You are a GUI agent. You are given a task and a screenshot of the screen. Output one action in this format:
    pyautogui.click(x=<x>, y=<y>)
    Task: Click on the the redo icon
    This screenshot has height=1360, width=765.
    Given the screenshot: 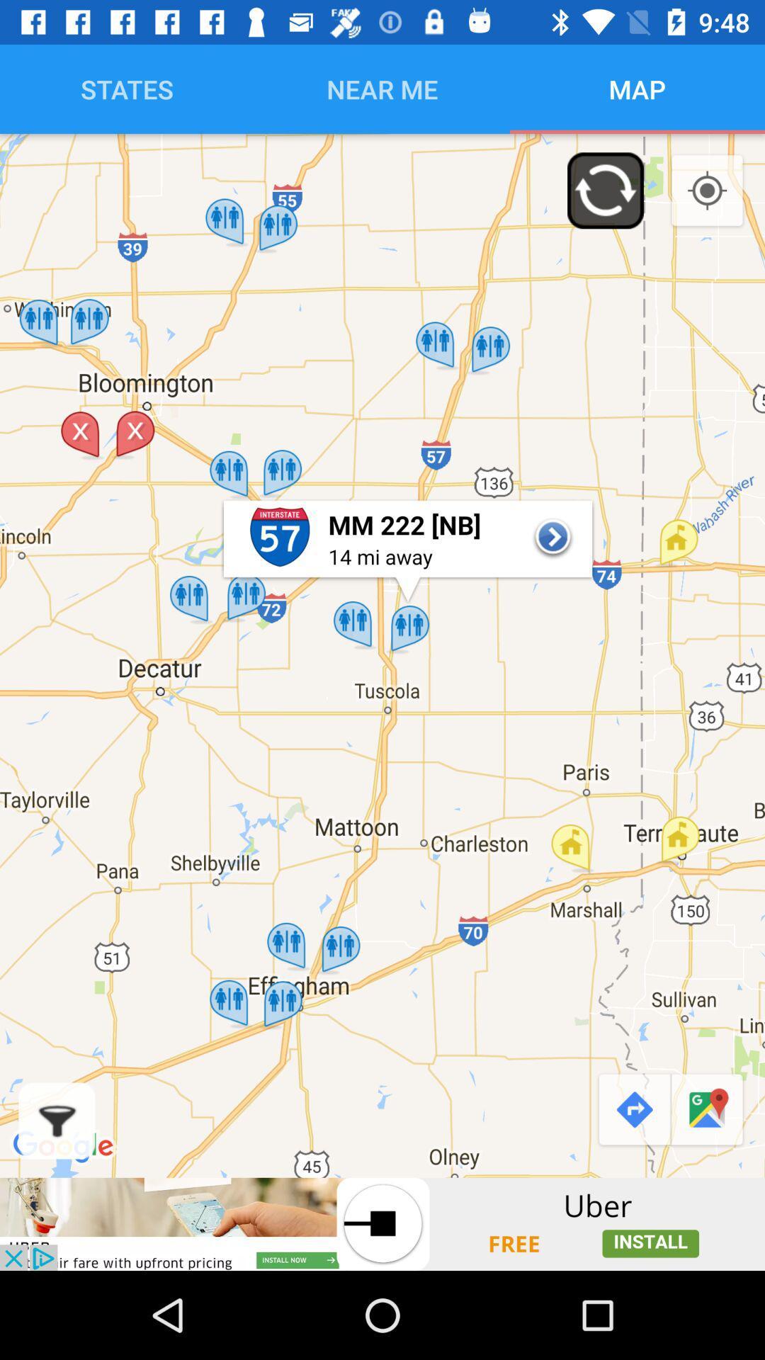 What is the action you would take?
    pyautogui.click(x=633, y=1109)
    